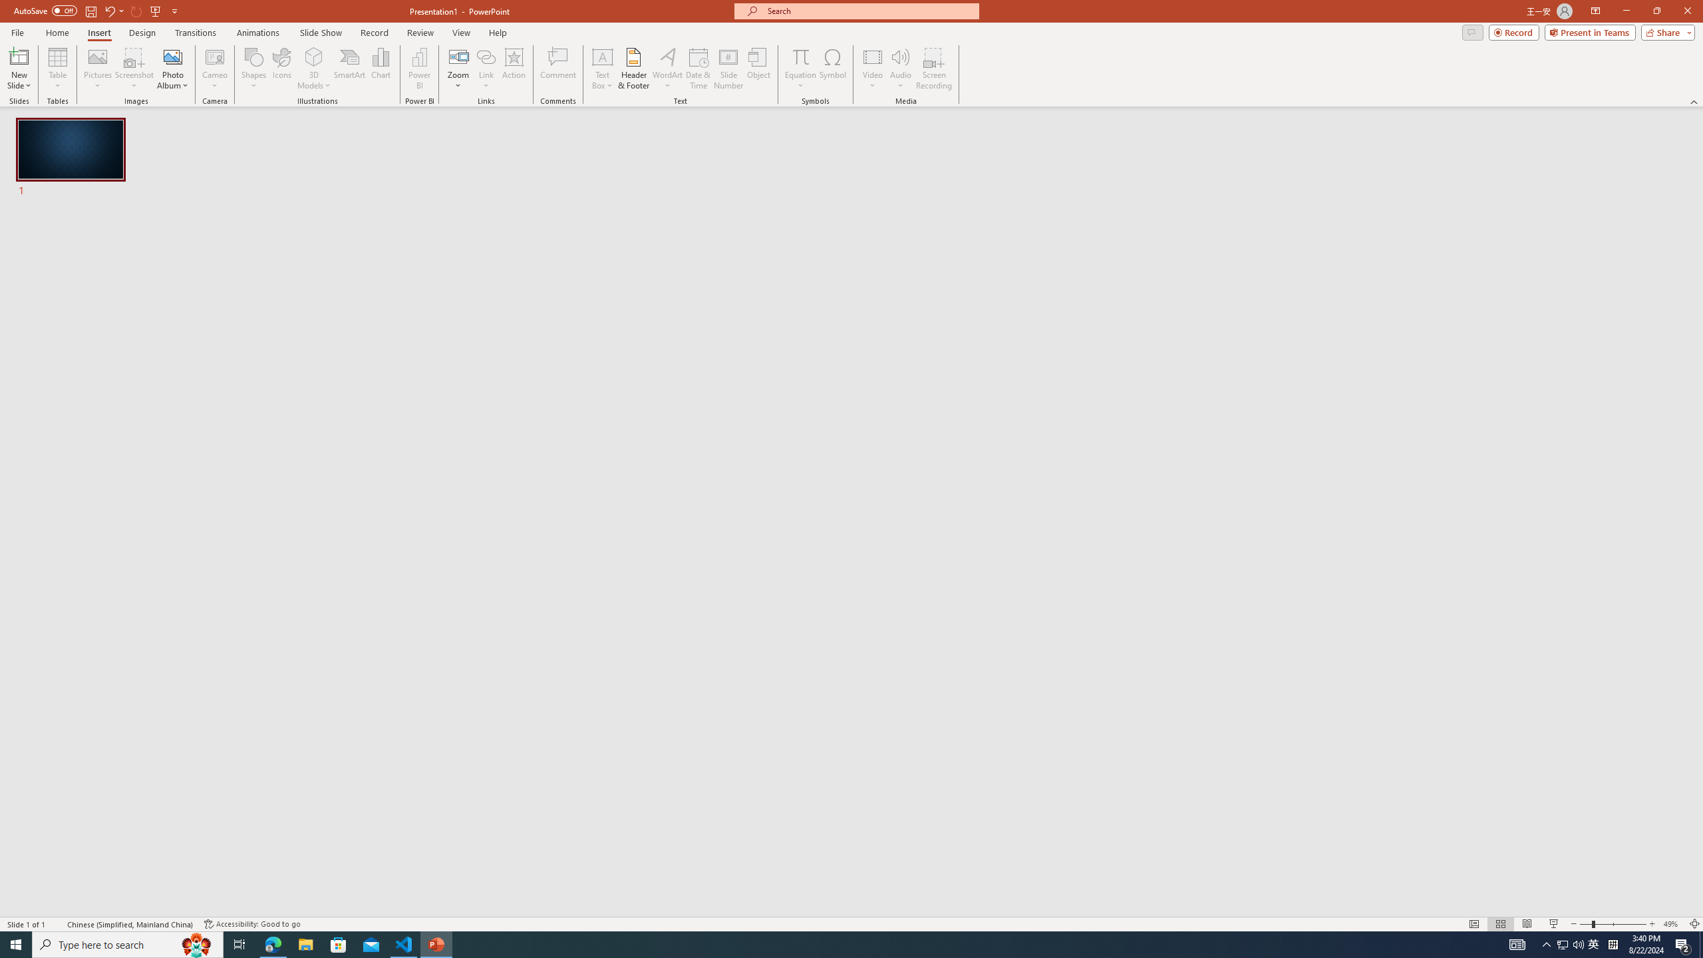  Describe the element at coordinates (349, 69) in the screenshot. I see `'SmartArt...'` at that location.